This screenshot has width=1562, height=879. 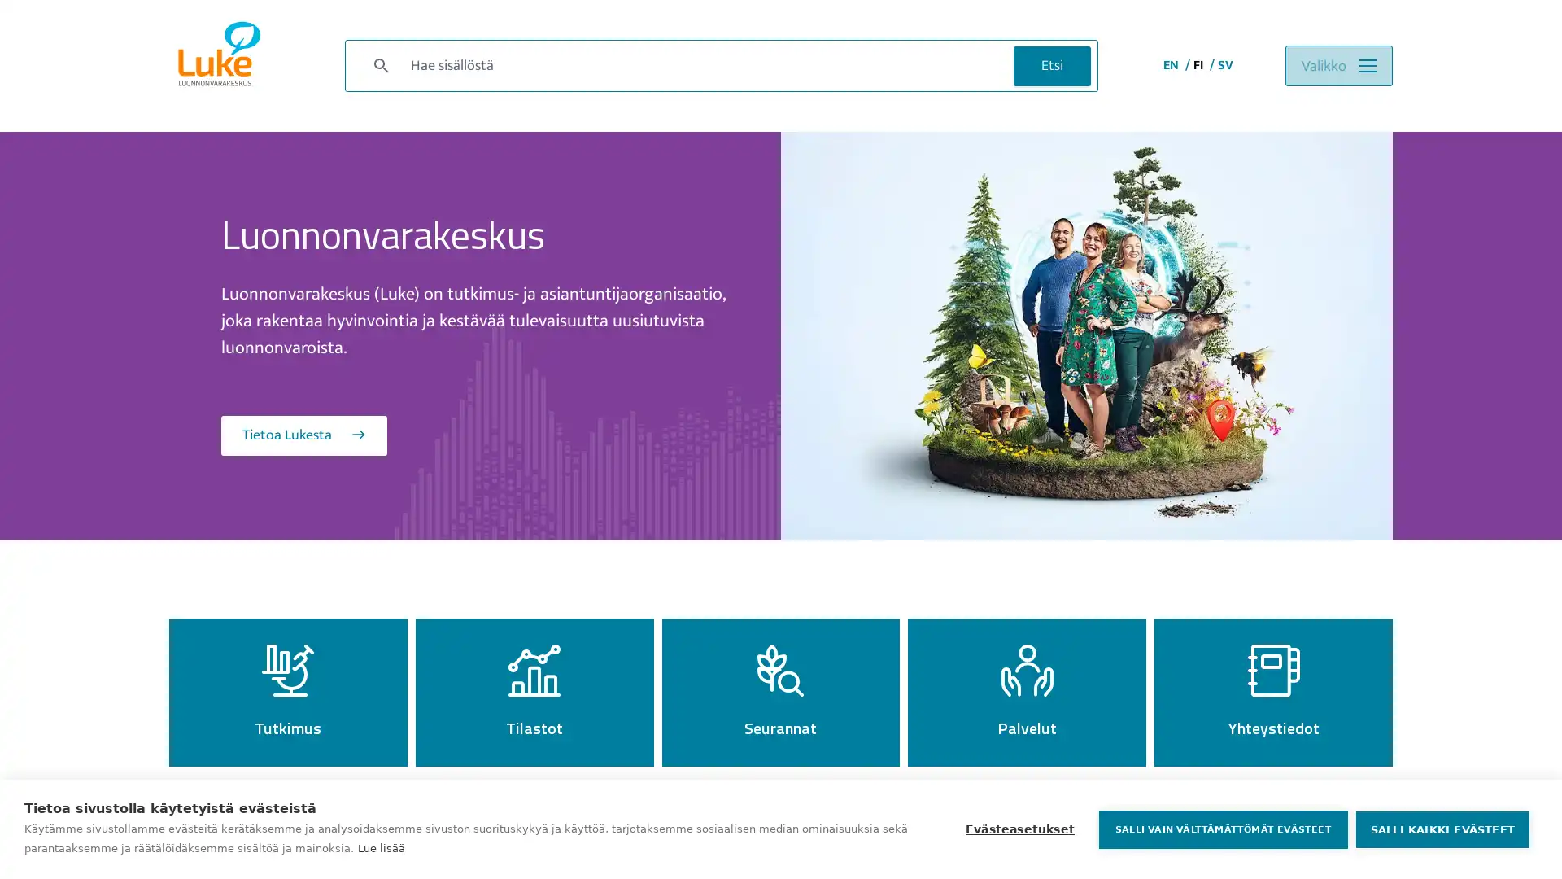 What do you see at coordinates (997, 64) in the screenshot?
I see `Etsi` at bounding box center [997, 64].